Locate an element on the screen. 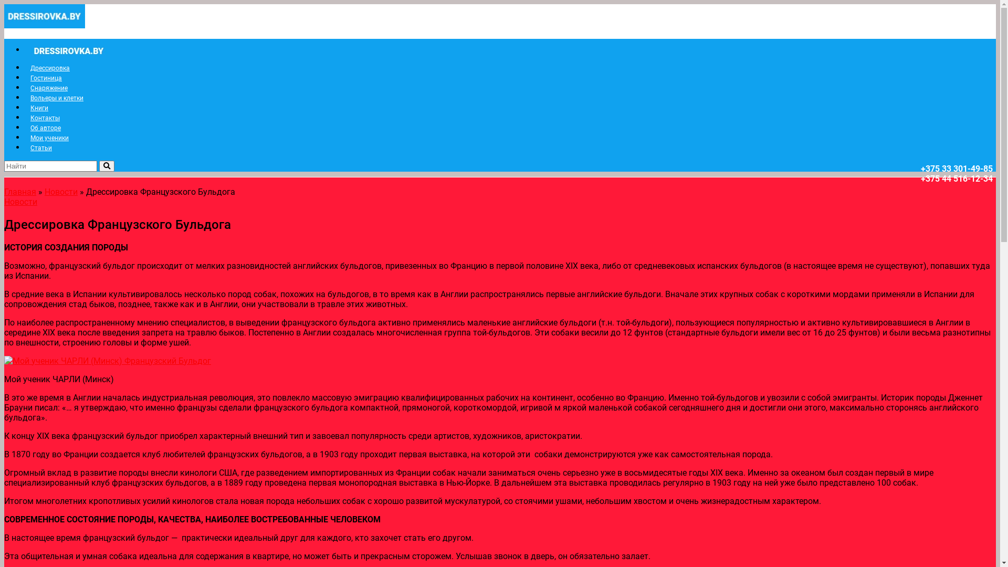 Image resolution: width=1008 pixels, height=567 pixels. '+375 44 516-12-34' is located at coordinates (957, 178).